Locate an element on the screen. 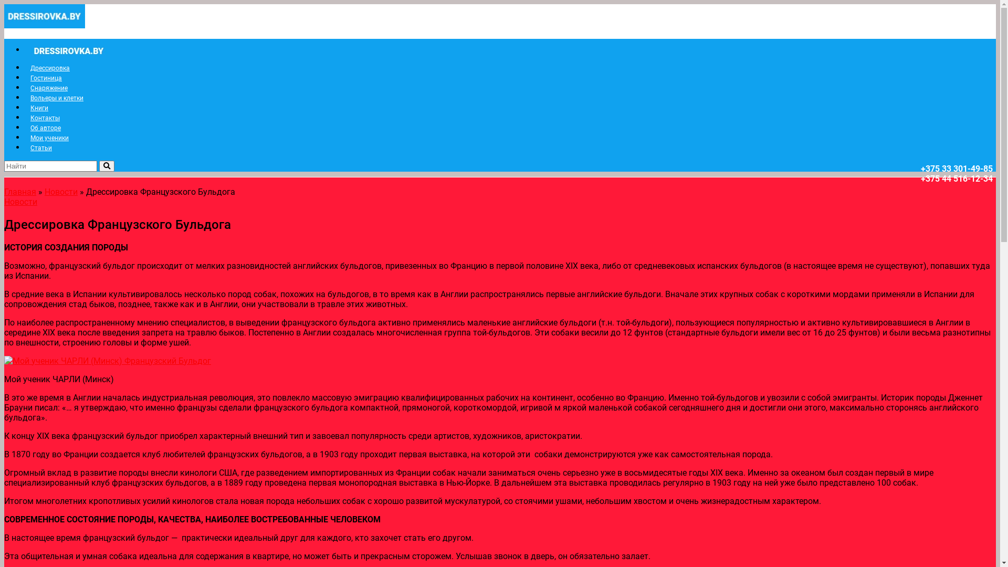 Image resolution: width=1008 pixels, height=567 pixels. '+375 44 516-12-34' is located at coordinates (957, 178).